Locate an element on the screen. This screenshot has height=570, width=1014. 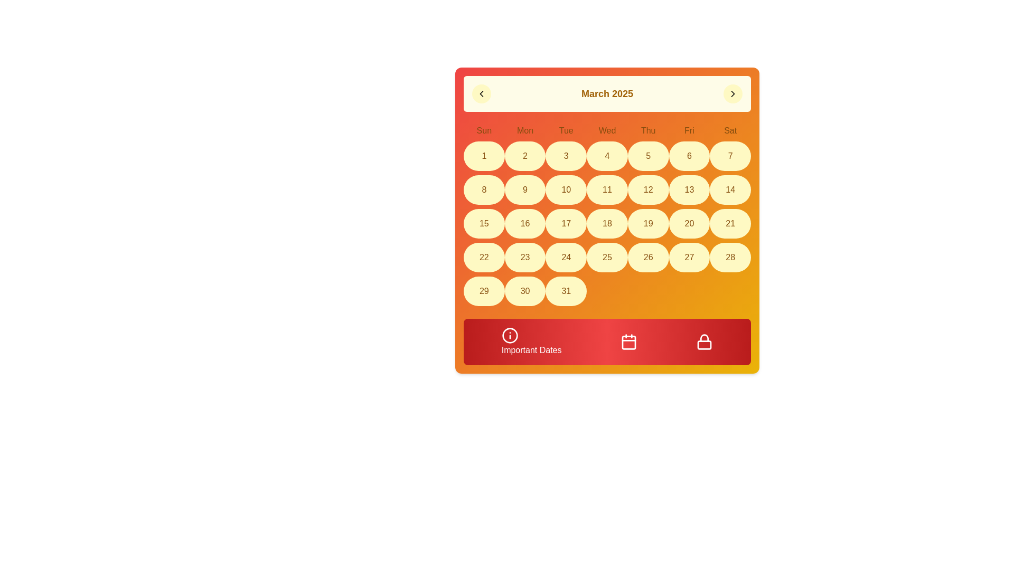
the calendar day cell button for March 17, 2025 is located at coordinates (566, 223).